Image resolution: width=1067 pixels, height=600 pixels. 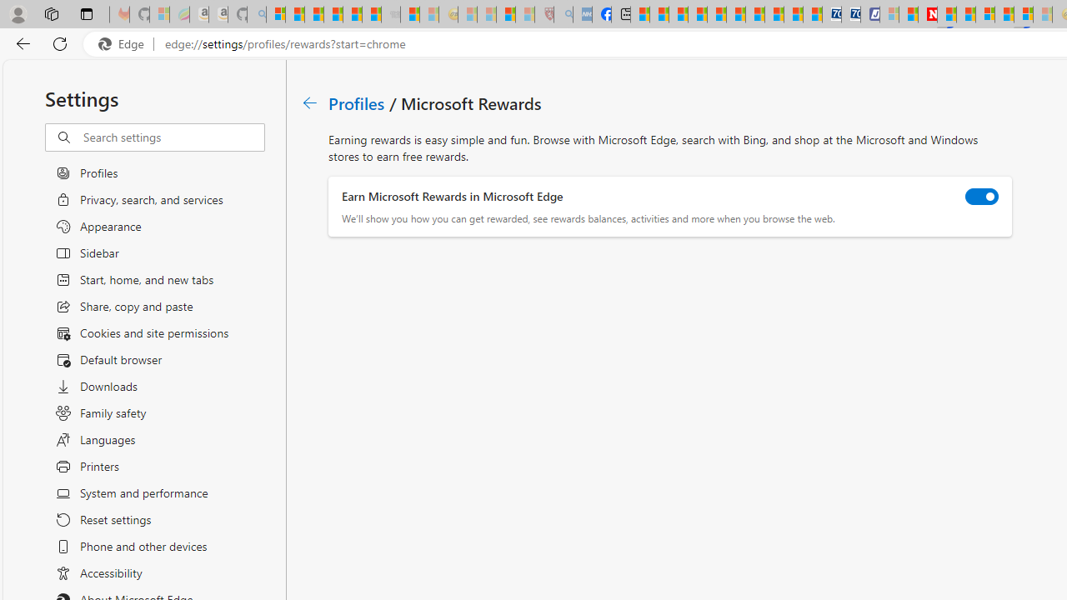 I want to click on 'Go back to Profiles page.', so click(x=310, y=102).